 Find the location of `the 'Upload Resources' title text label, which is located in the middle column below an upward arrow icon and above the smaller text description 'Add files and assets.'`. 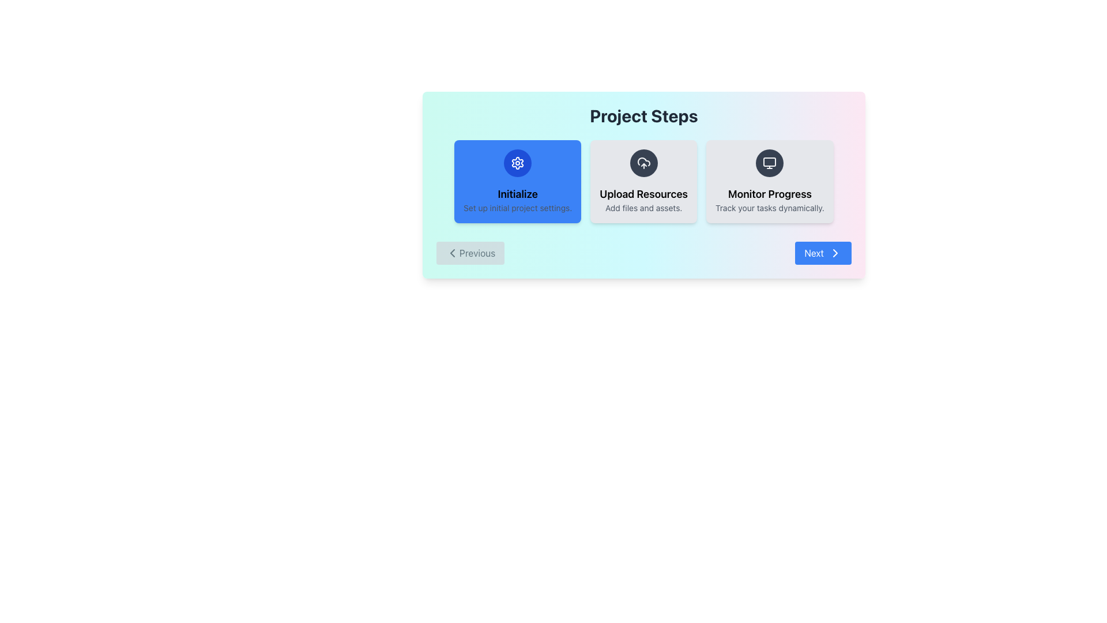

the 'Upload Resources' title text label, which is located in the middle column below an upward arrow icon and above the smaller text description 'Add files and assets.' is located at coordinates (643, 193).